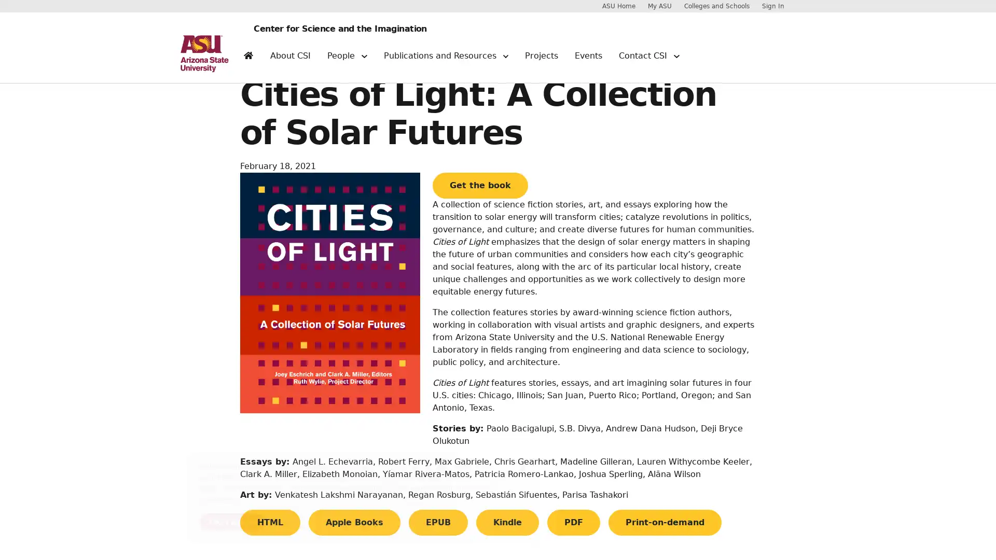 The image size is (996, 560). I want to click on People, so click(347, 60).